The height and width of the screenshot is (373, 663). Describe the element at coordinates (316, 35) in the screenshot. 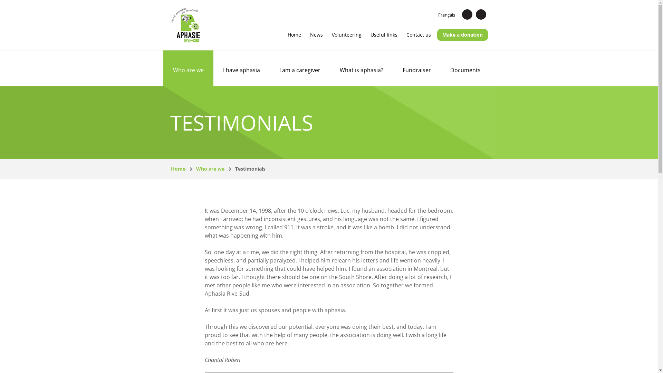

I see `'News'` at that location.